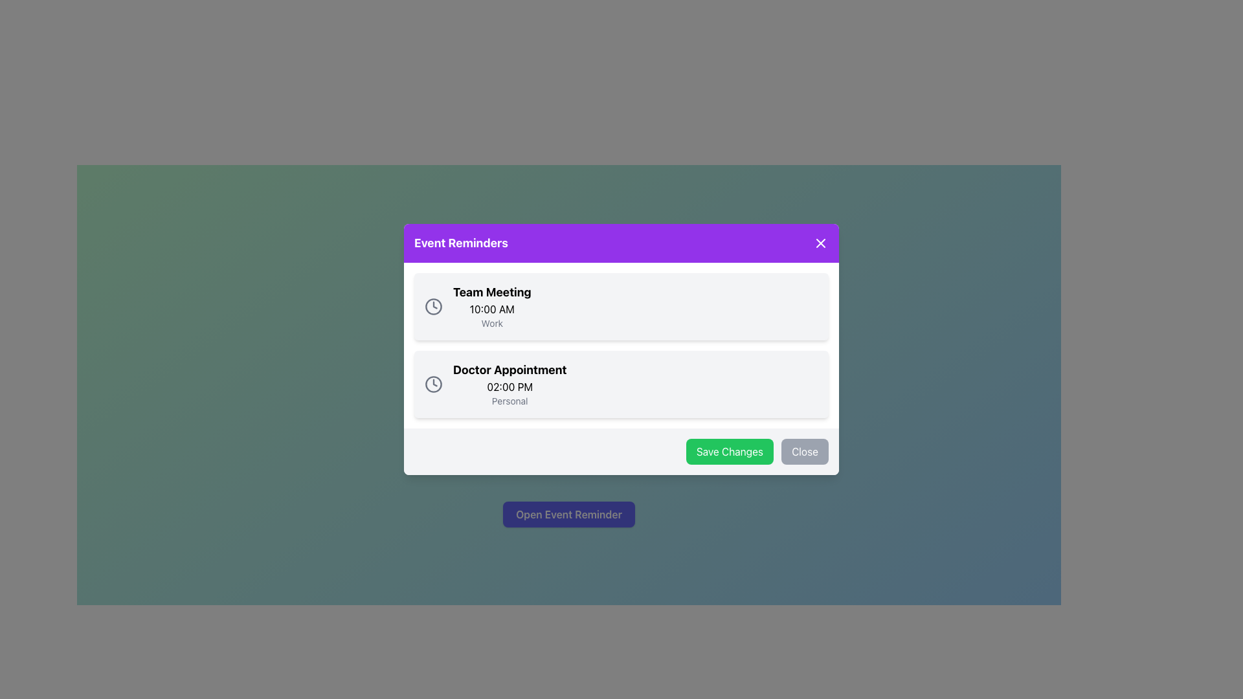 Image resolution: width=1243 pixels, height=699 pixels. Describe the element at coordinates (434, 307) in the screenshot. I see `the SVG Circle icon representing a clock face in the second event entry of the 'Event Reminders' dialog, located below the 'Team Meeting' entry` at that location.